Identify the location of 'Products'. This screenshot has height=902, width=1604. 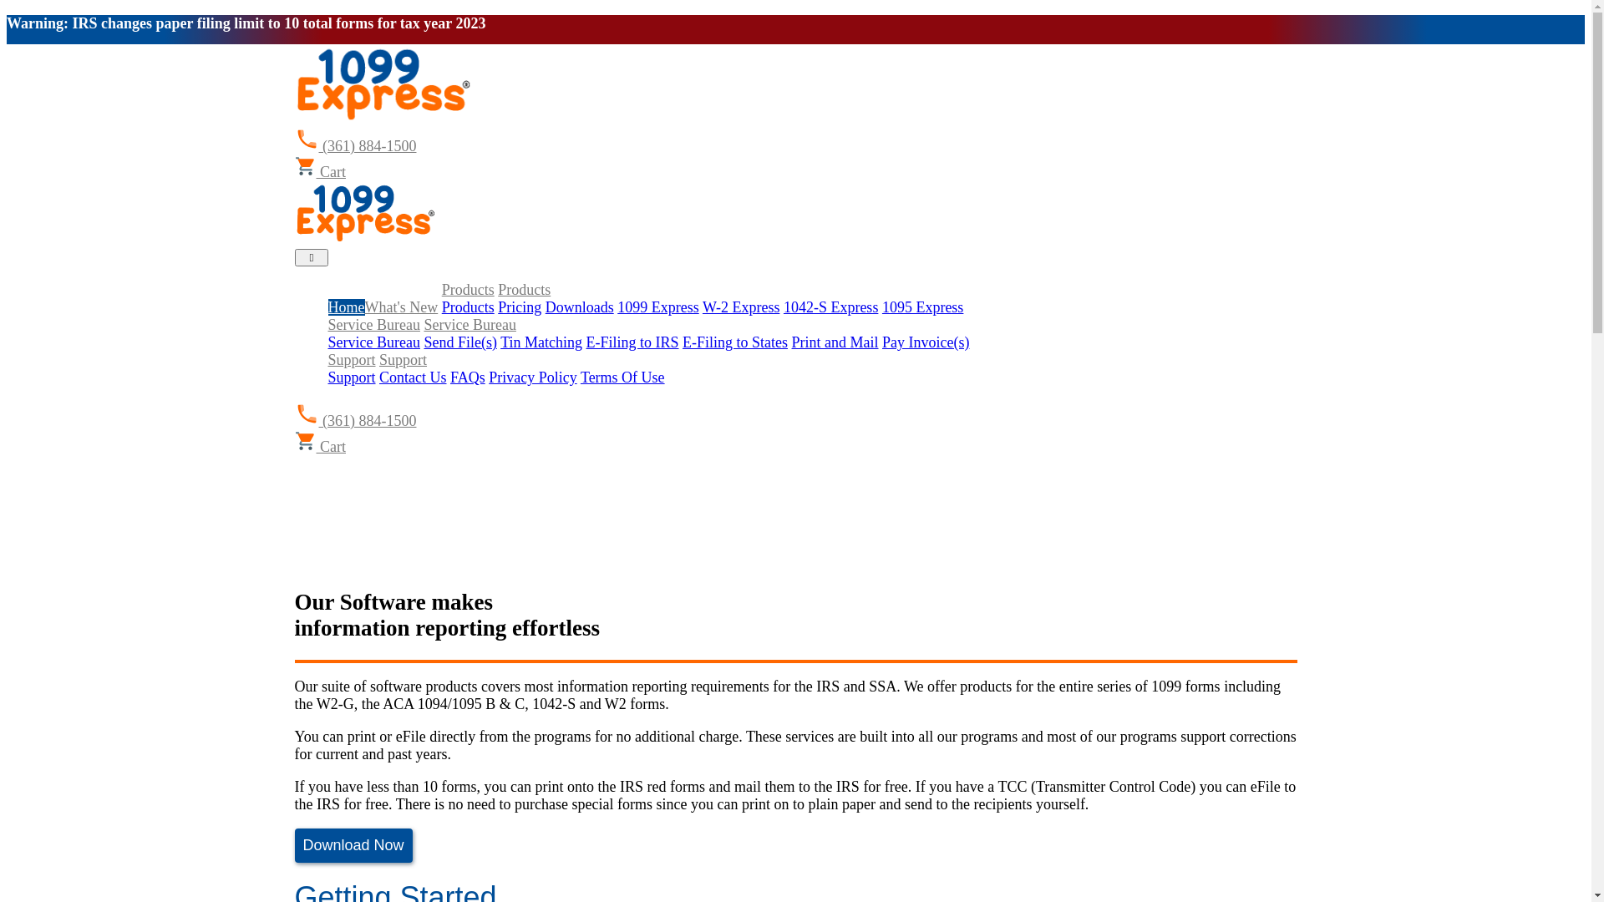
(441, 289).